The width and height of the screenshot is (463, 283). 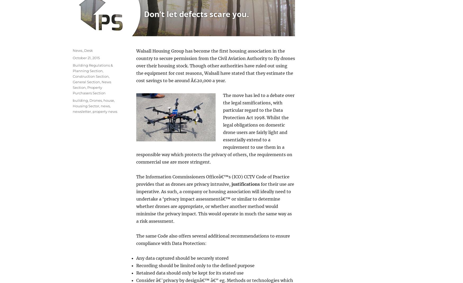 I want to click on 'The Information Commissioners Officeâ€™s (ICO) CCTV Code of Practice provides that as drones are privacy intrusive,', so click(x=212, y=180).